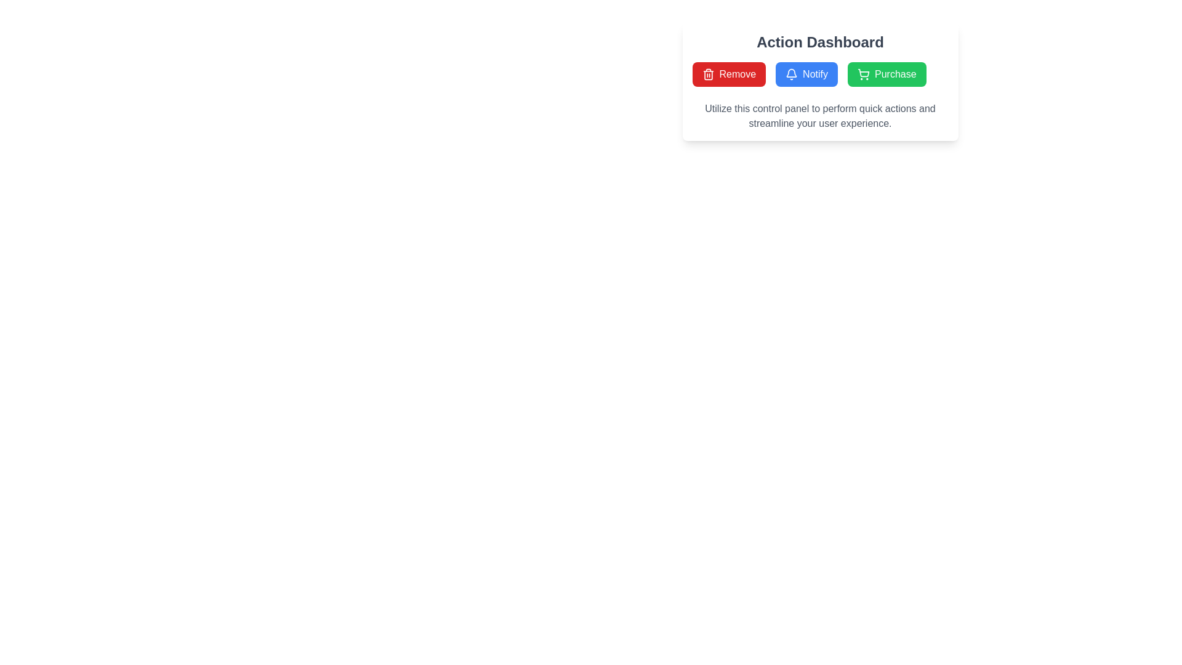 Image resolution: width=1182 pixels, height=665 pixels. I want to click on the shopping cart icon located within the green 'Purchase' button in the top-right section of the interface, so click(862, 74).